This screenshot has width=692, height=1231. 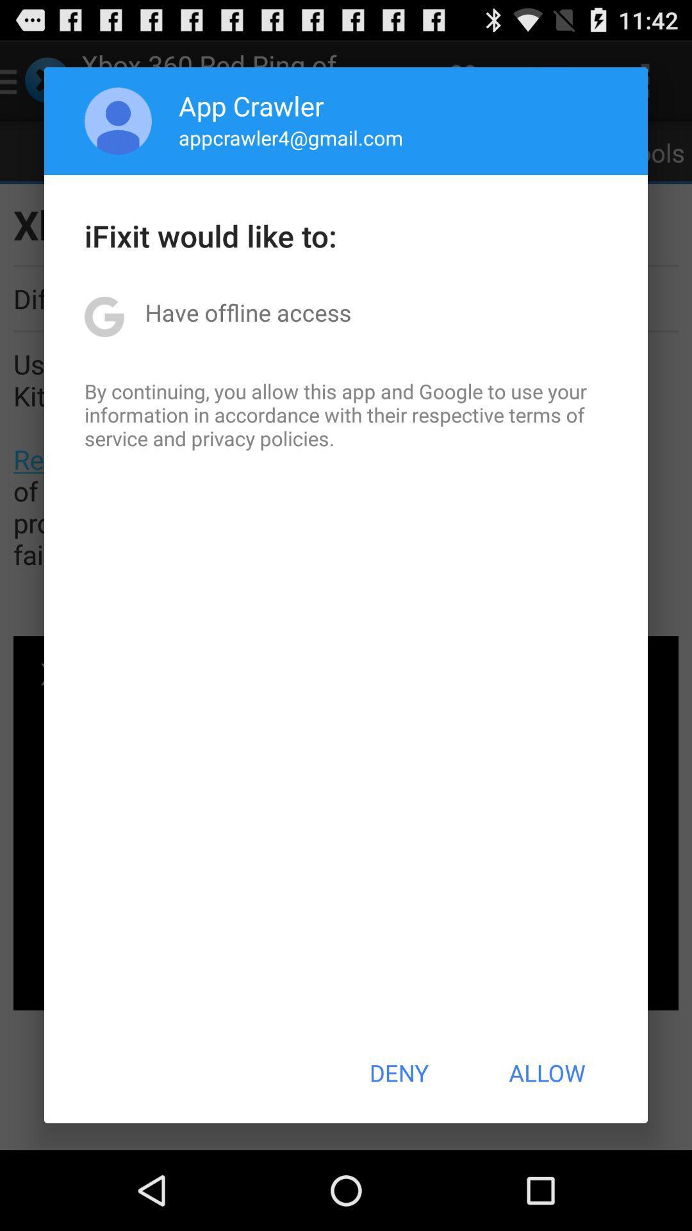 I want to click on the have offline access item, so click(x=248, y=312).